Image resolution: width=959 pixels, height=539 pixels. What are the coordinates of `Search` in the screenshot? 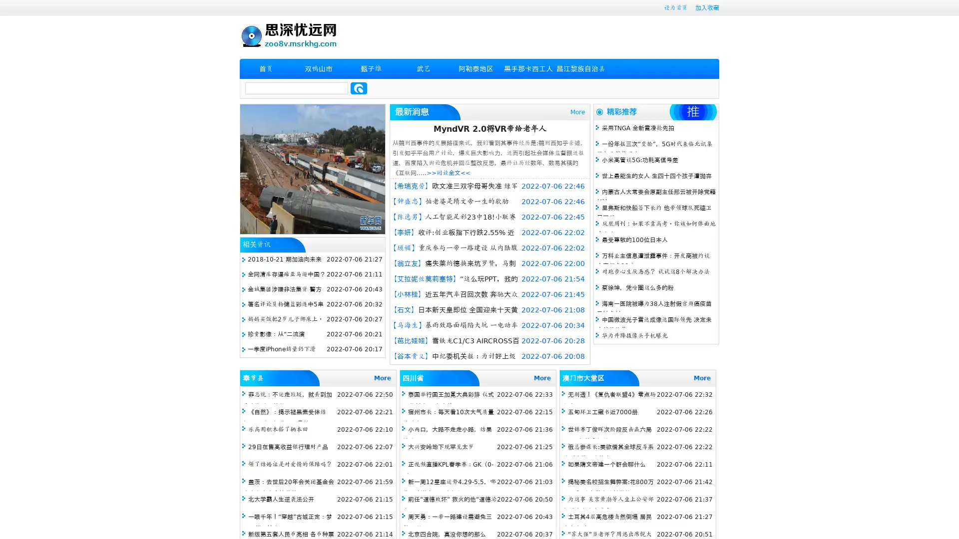 It's located at (359, 88).